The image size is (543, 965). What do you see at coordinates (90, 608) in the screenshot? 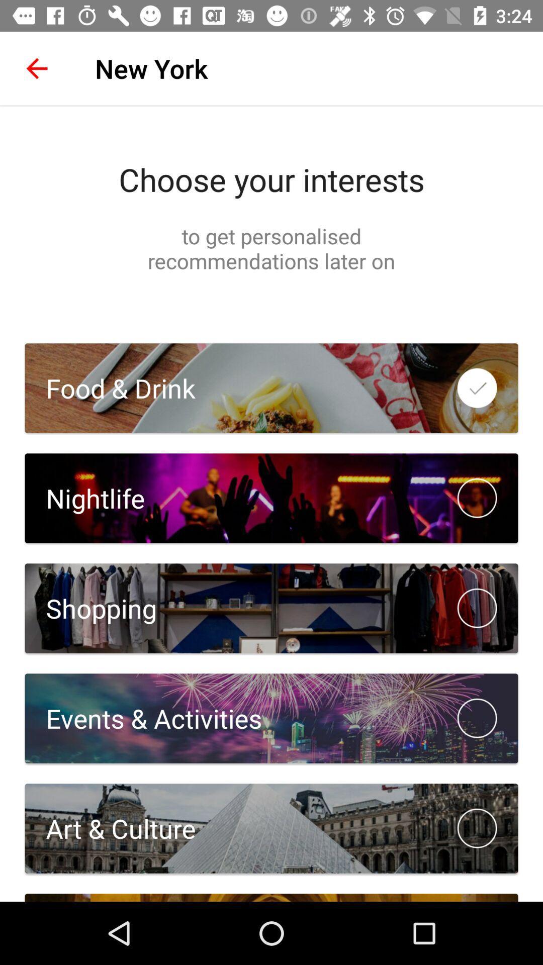
I see `the shopping` at bounding box center [90, 608].